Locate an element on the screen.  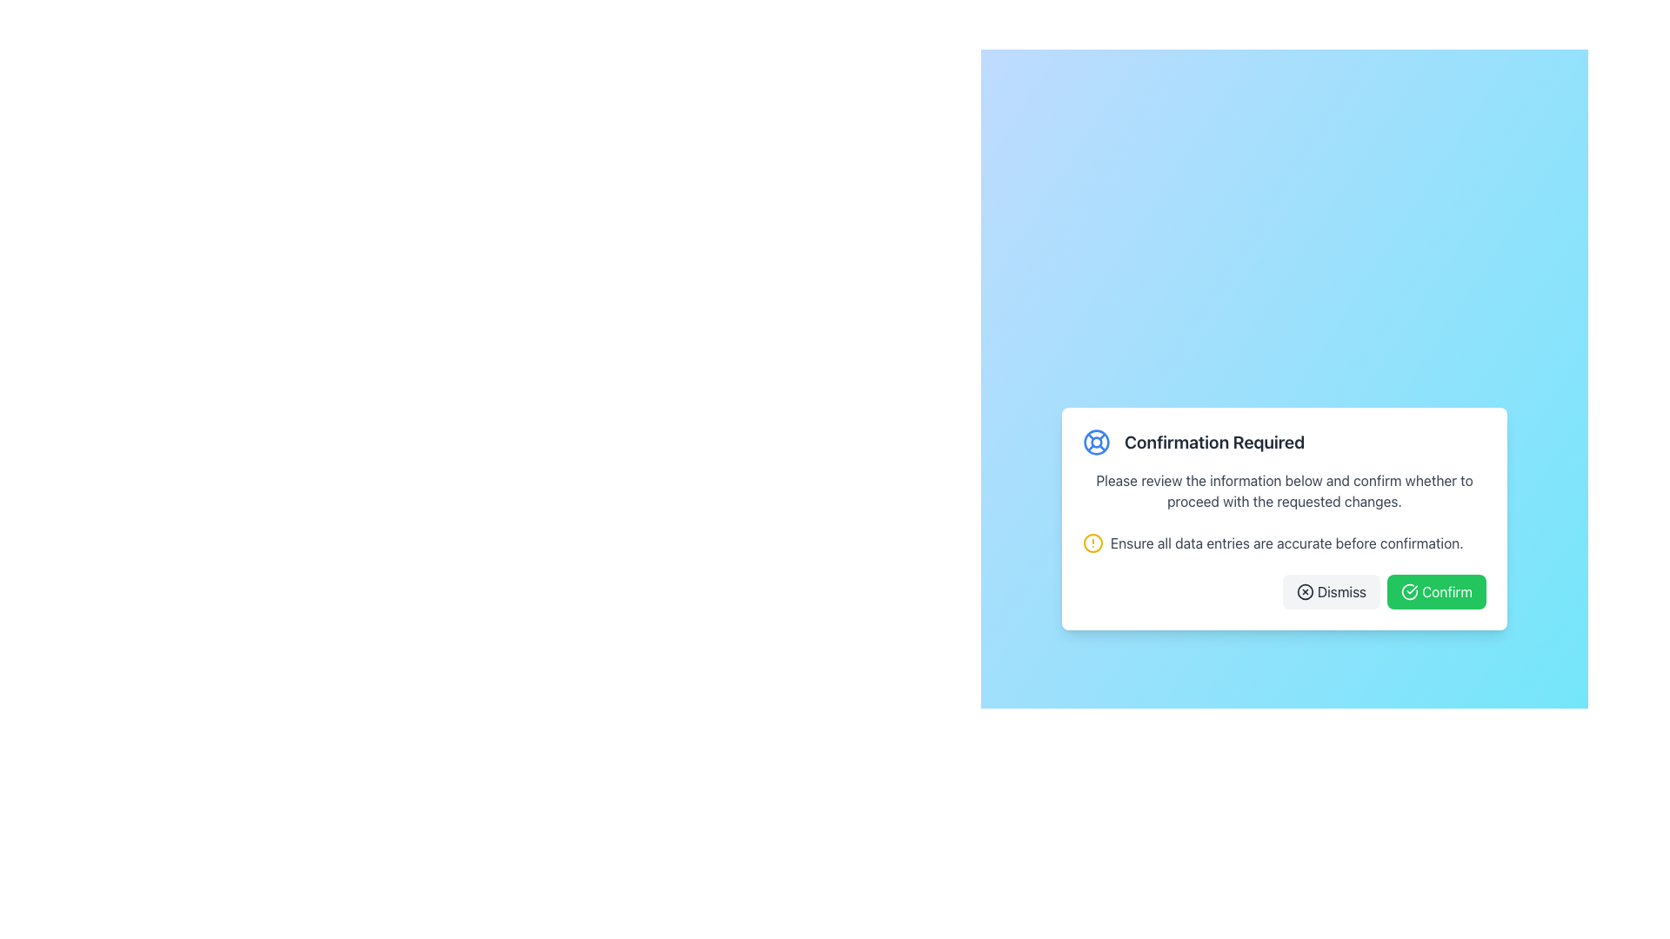
the 'Dismiss' button in the Button group located at the bottom of the modal is located at coordinates (1285, 591).